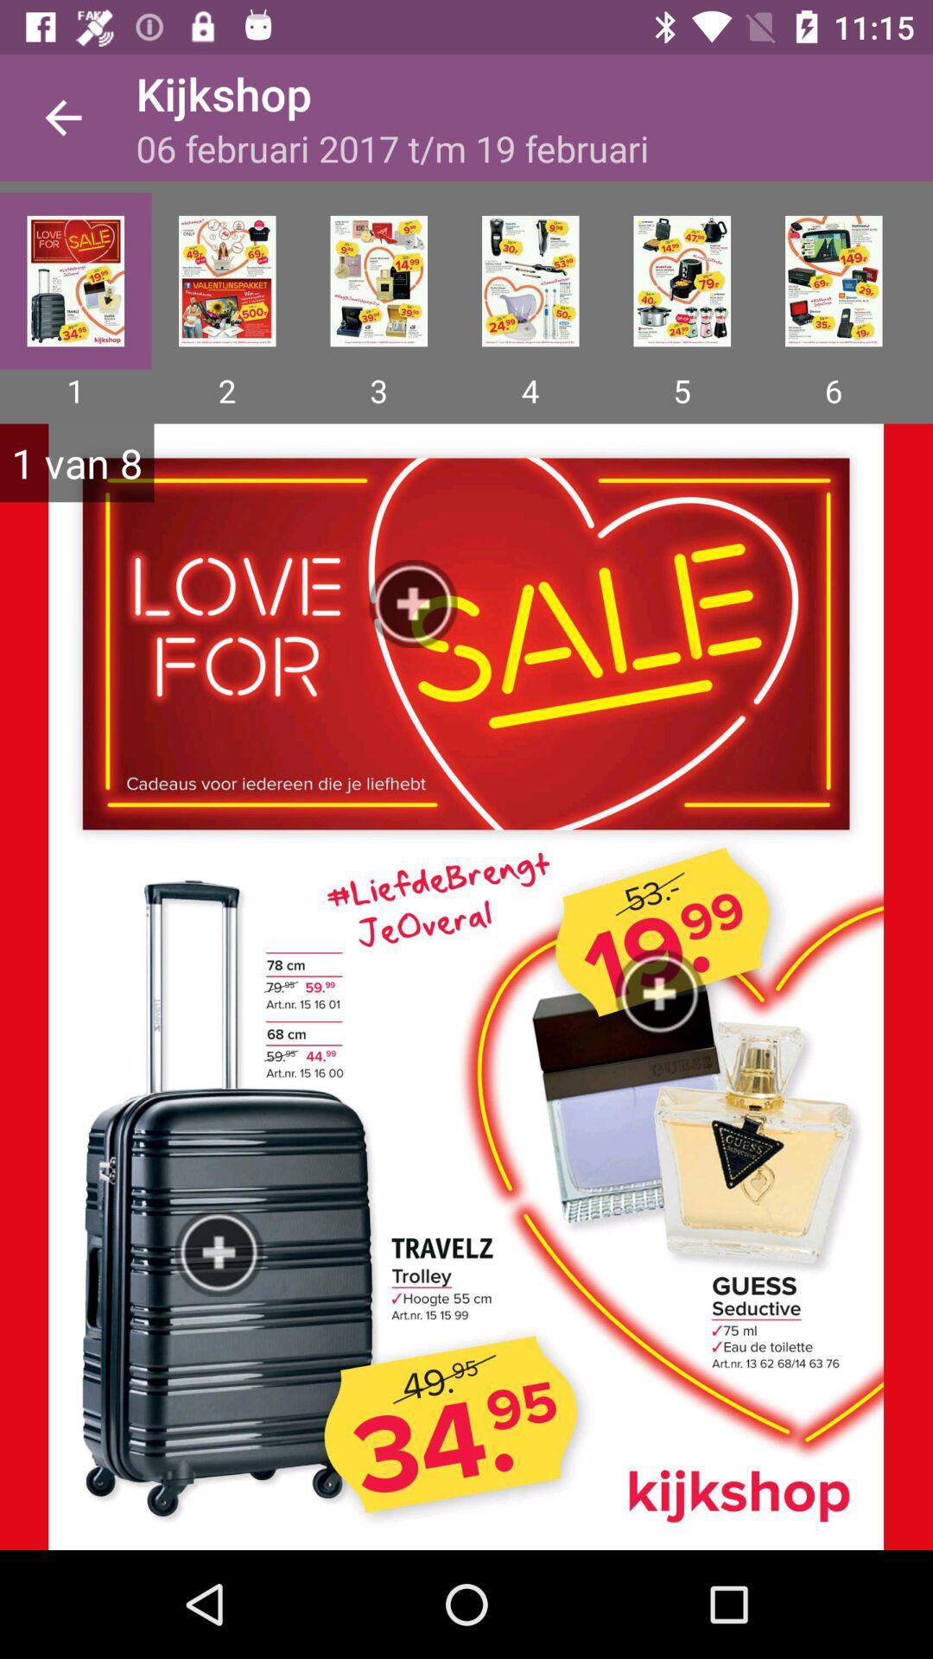 This screenshot has width=933, height=1659. What do you see at coordinates (378, 281) in the screenshot?
I see `photo` at bounding box center [378, 281].